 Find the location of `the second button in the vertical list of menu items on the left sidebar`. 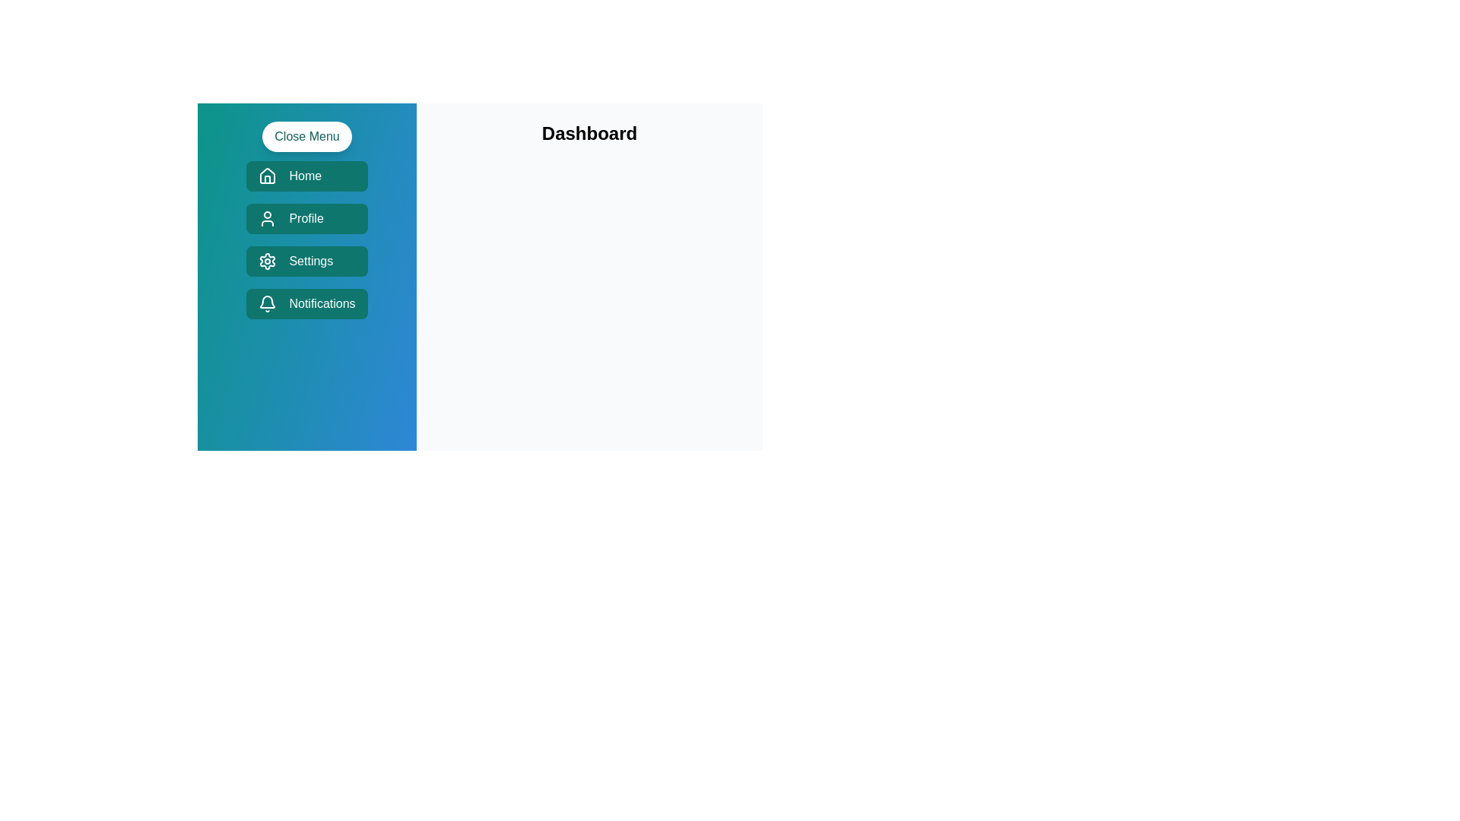

the second button in the vertical list of menu items on the left sidebar is located at coordinates (306, 219).